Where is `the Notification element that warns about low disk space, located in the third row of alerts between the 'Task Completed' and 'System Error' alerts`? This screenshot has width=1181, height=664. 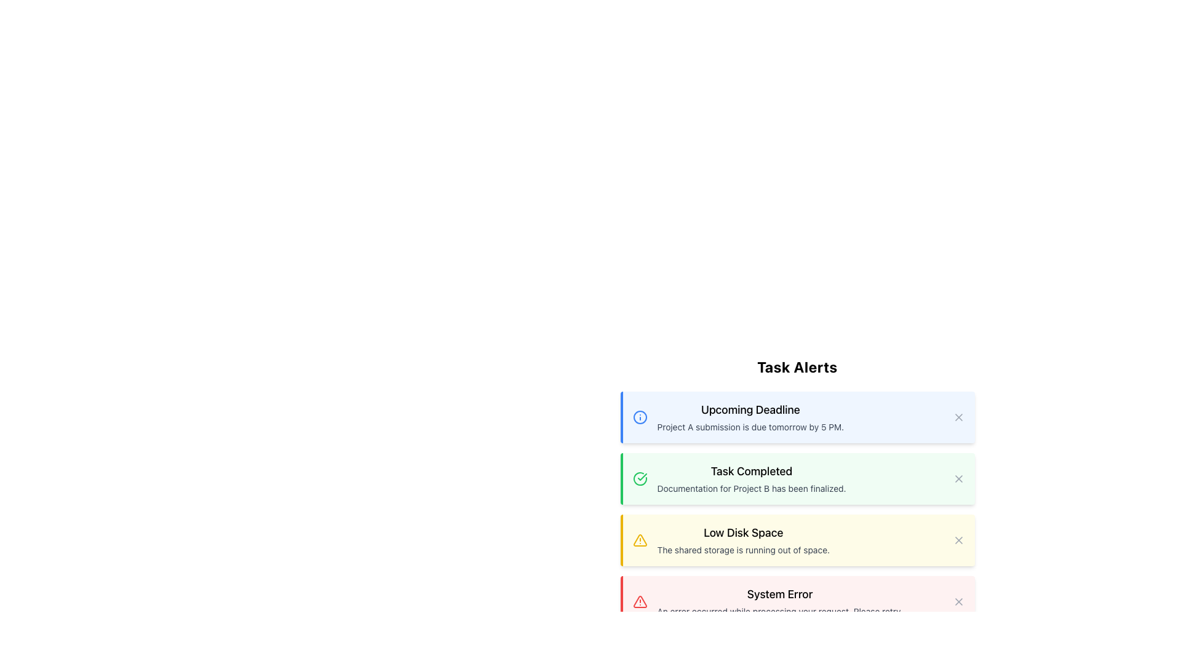
the Notification element that warns about low disk space, located in the third row of alerts between the 'Task Completed' and 'System Error' alerts is located at coordinates (742, 540).